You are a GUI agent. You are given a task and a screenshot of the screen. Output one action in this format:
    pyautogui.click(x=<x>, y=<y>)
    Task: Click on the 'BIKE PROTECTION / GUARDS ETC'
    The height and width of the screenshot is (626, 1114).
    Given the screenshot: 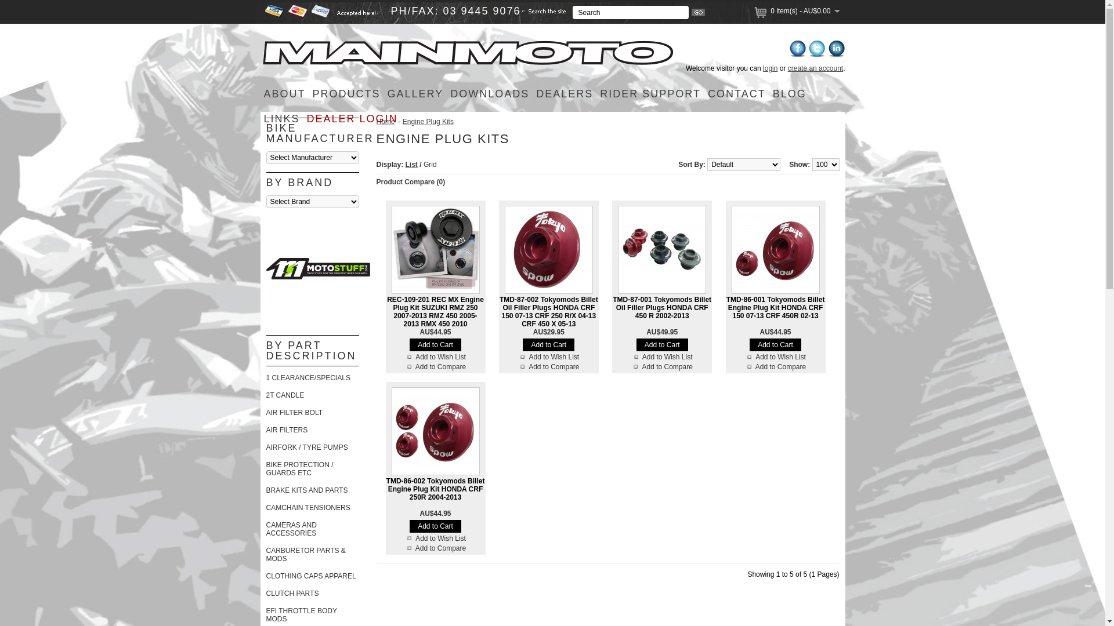 What is the action you would take?
    pyautogui.click(x=299, y=468)
    